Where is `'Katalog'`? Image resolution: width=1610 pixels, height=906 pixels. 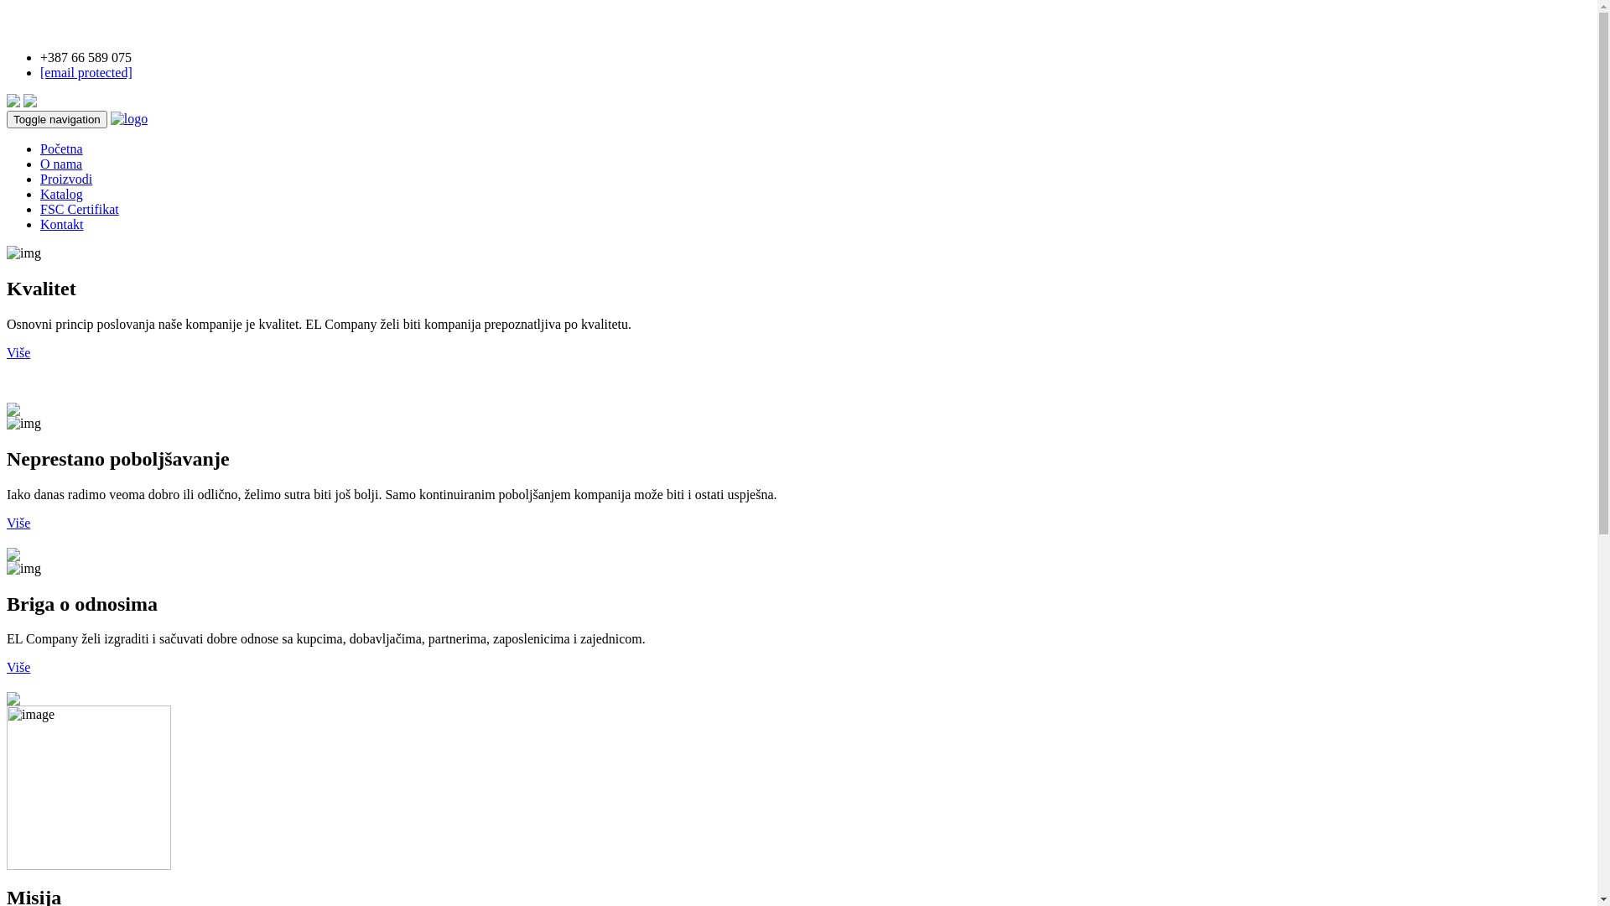 'Katalog' is located at coordinates (61, 193).